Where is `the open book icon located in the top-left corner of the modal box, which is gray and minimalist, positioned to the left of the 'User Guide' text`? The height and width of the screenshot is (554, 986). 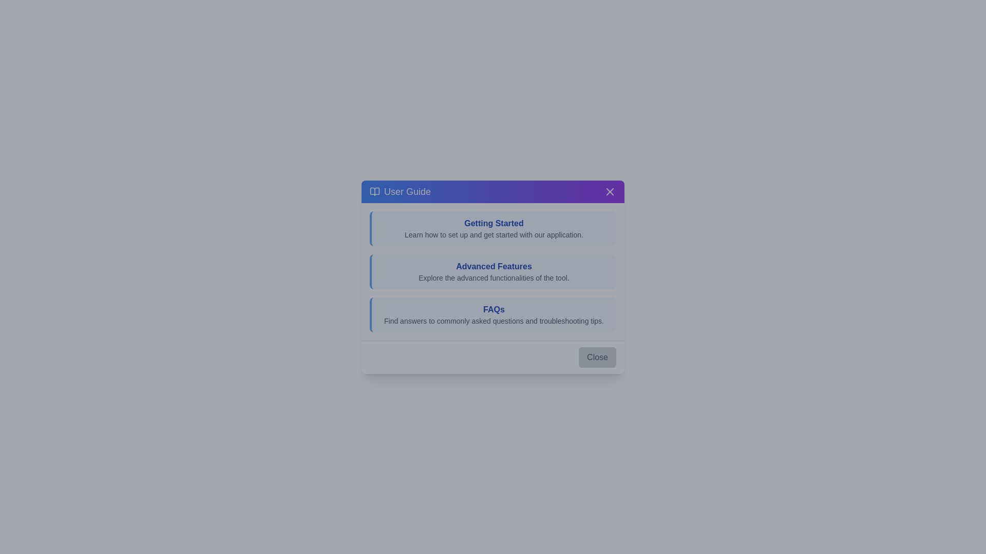 the open book icon located in the top-left corner of the modal box, which is gray and minimalist, positioned to the left of the 'User Guide' text is located at coordinates (374, 191).